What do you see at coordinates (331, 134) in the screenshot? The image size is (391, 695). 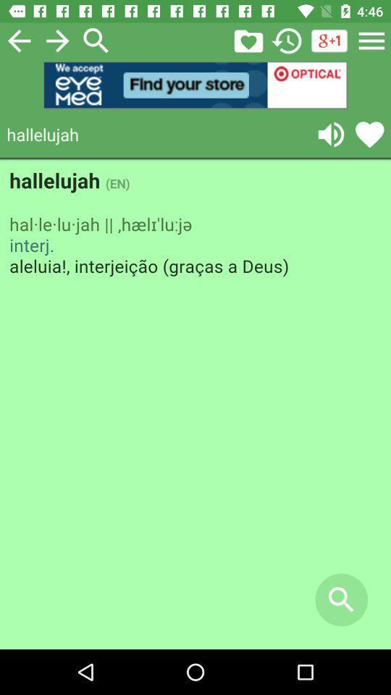 I see `the volume icon` at bounding box center [331, 134].